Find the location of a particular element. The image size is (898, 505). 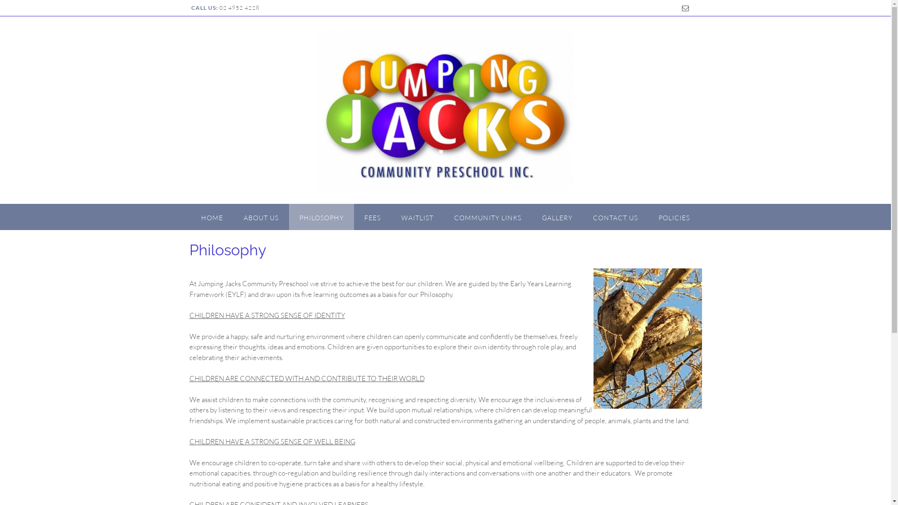

'CONTACT US' is located at coordinates (582, 216).